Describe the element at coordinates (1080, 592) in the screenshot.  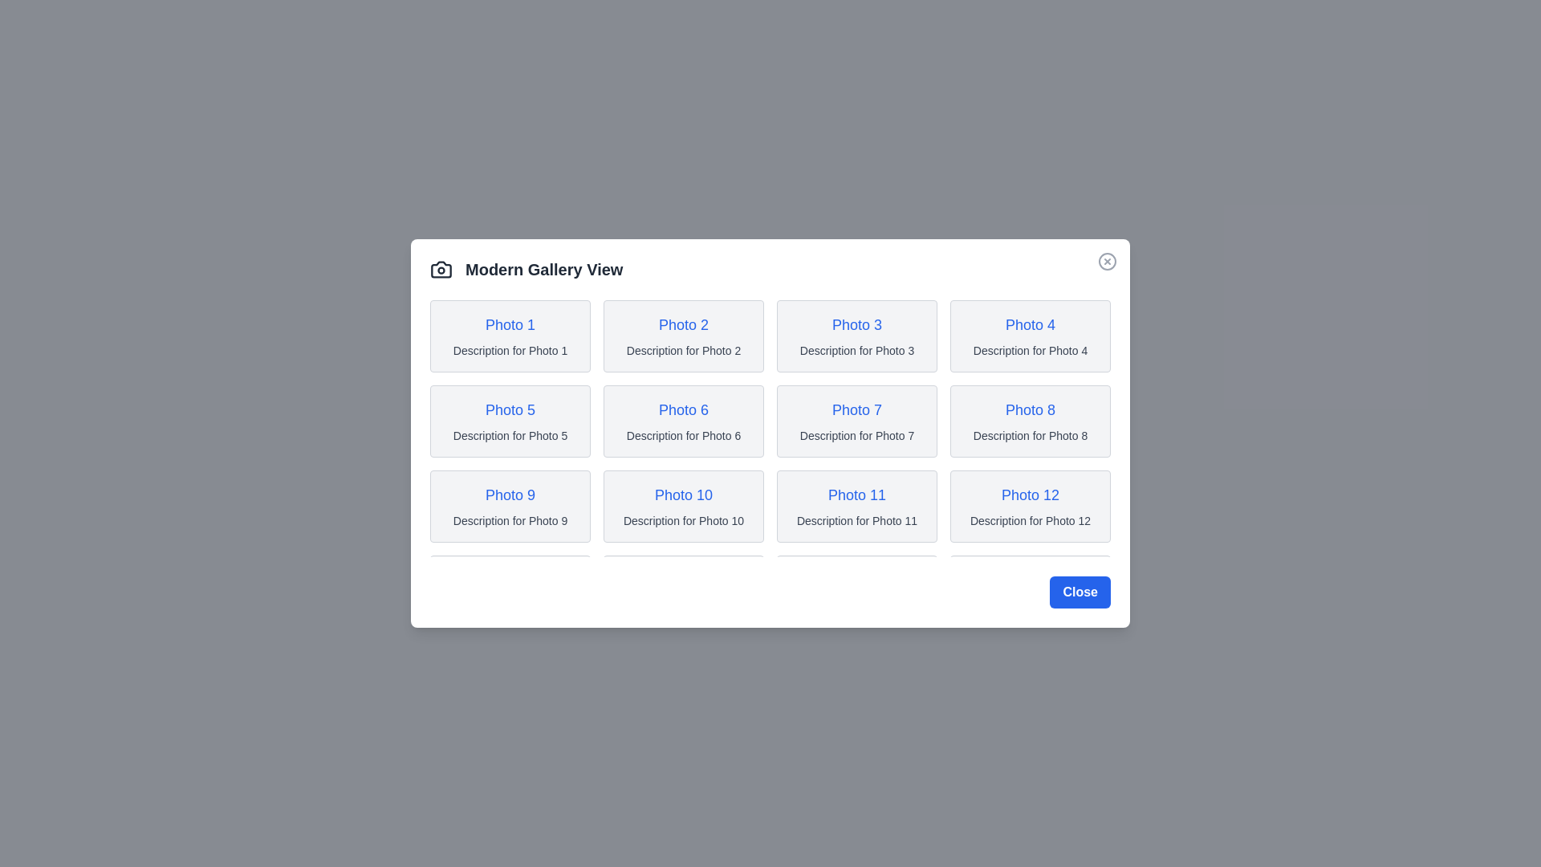
I see `the 'Close' button in the footer to close the dialog` at that location.